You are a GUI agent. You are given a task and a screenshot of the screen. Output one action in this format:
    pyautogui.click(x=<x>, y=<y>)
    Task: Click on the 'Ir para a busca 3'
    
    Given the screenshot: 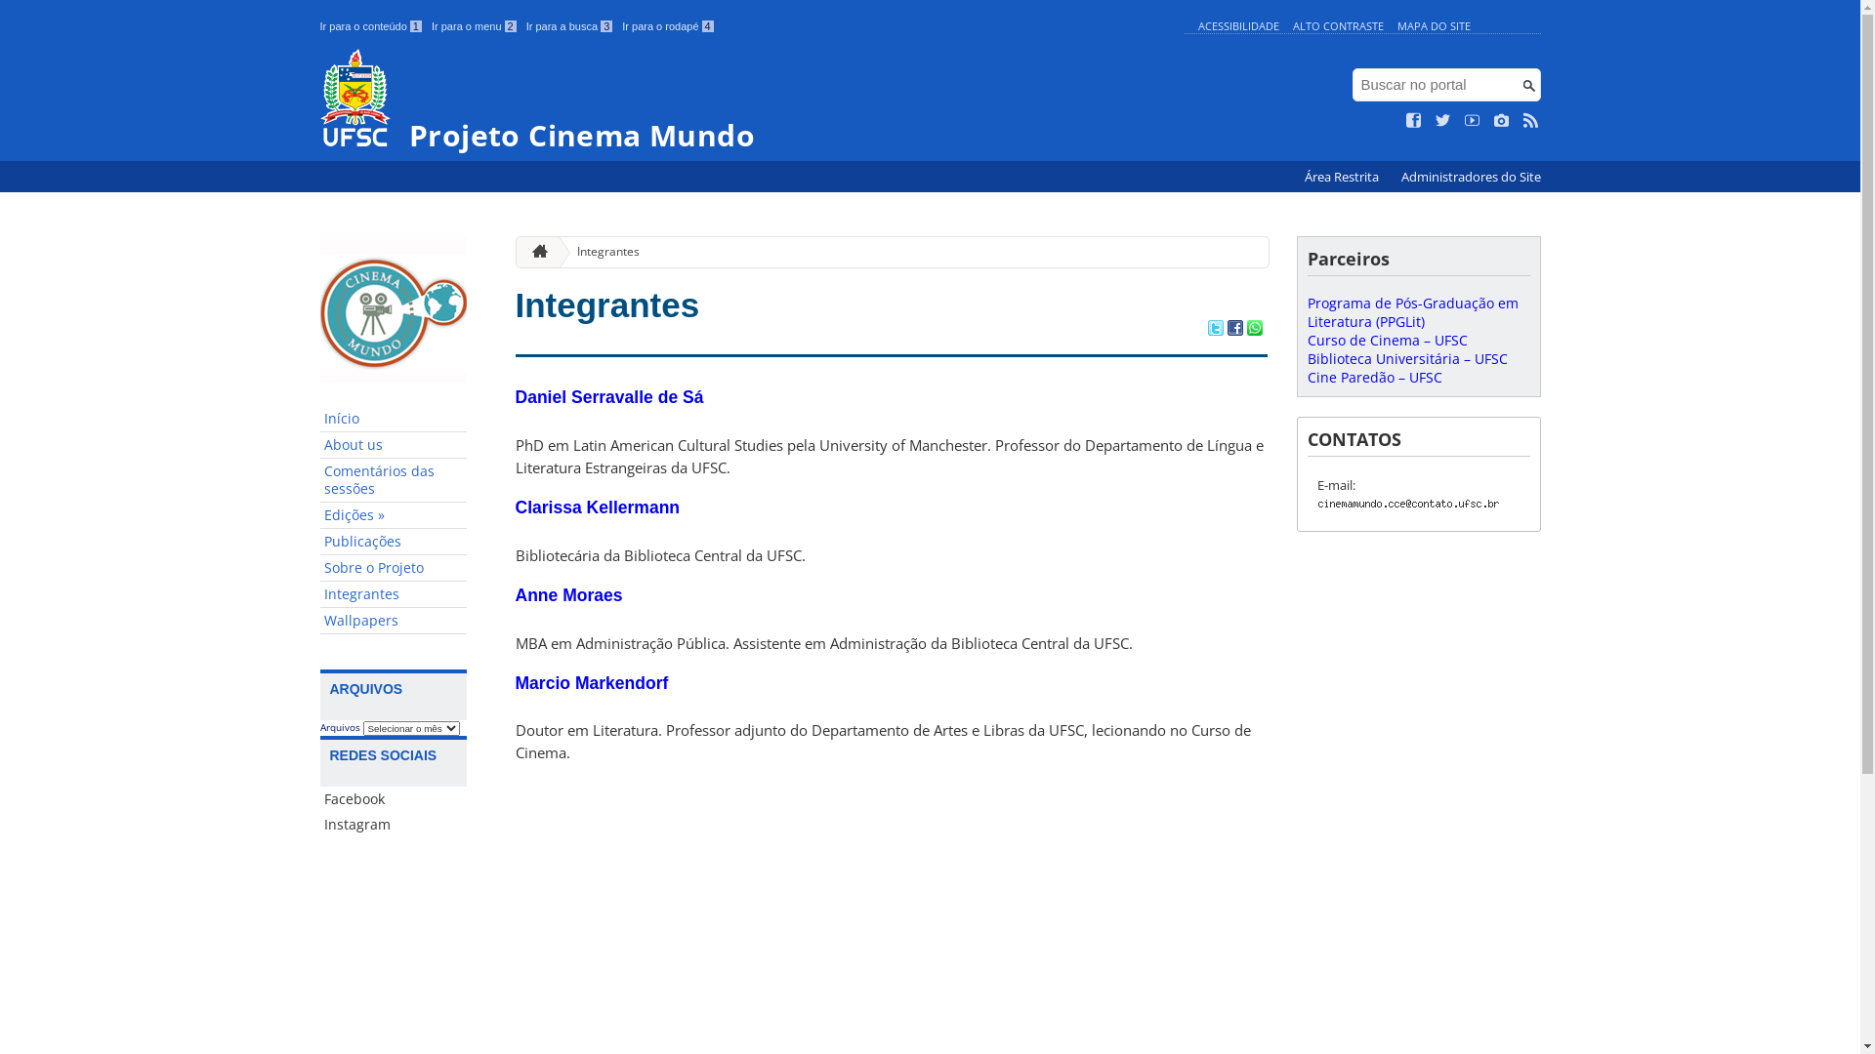 What is the action you would take?
    pyautogui.click(x=568, y=26)
    